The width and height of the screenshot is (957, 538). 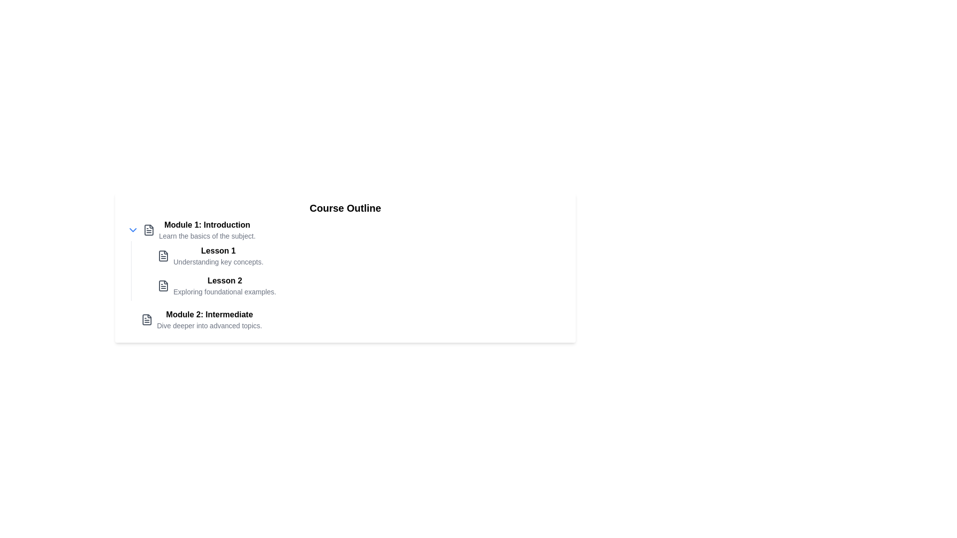 I want to click on the document icon associated with 'Lesson 2', which is located in the middle-left of the user interface, near the textual content titled 'Lesson 2', so click(x=163, y=255).